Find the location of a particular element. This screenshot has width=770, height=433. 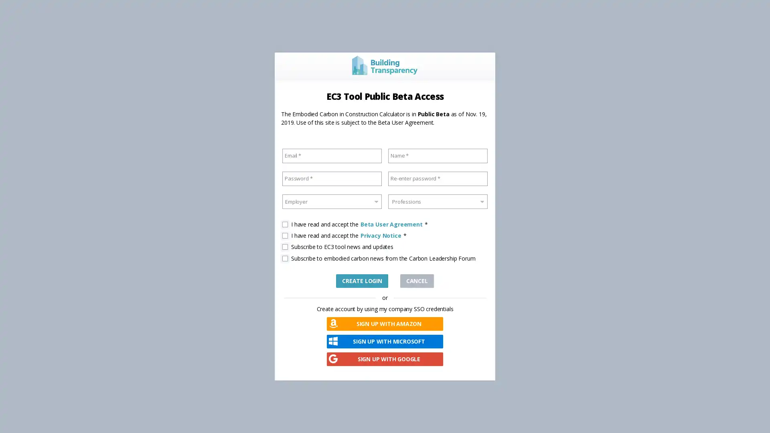

CREATE LOGIN is located at coordinates (361, 280).